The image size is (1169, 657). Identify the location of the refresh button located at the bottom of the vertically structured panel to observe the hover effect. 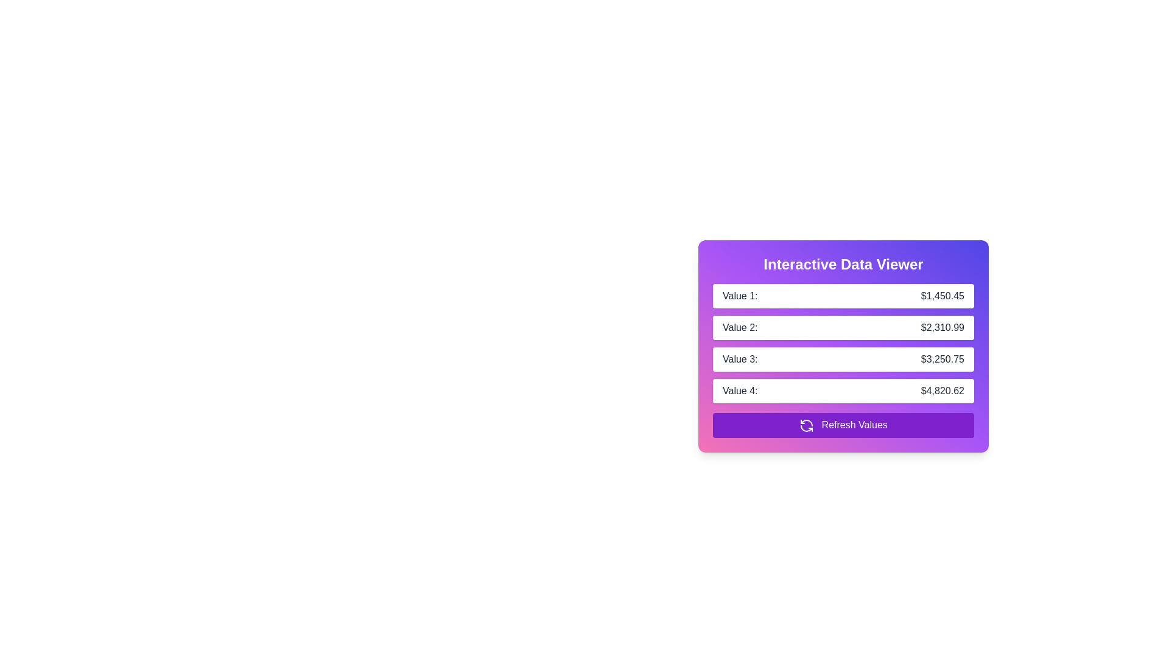
(843, 425).